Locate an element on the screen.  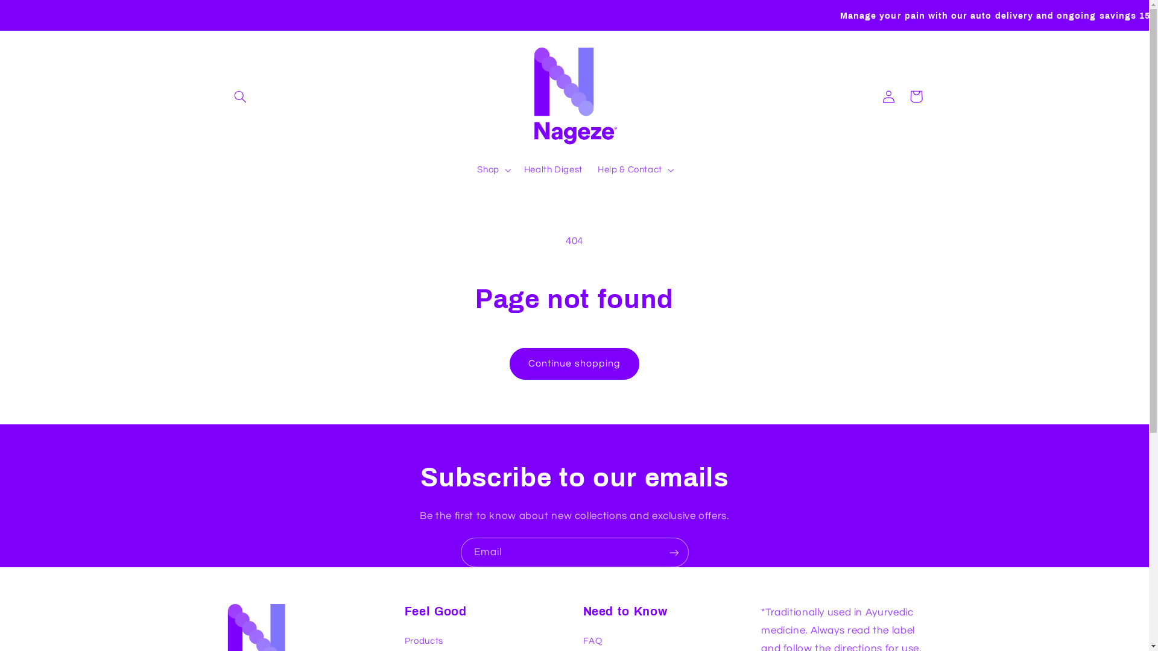
'Continue shopping' is located at coordinates (574, 363).